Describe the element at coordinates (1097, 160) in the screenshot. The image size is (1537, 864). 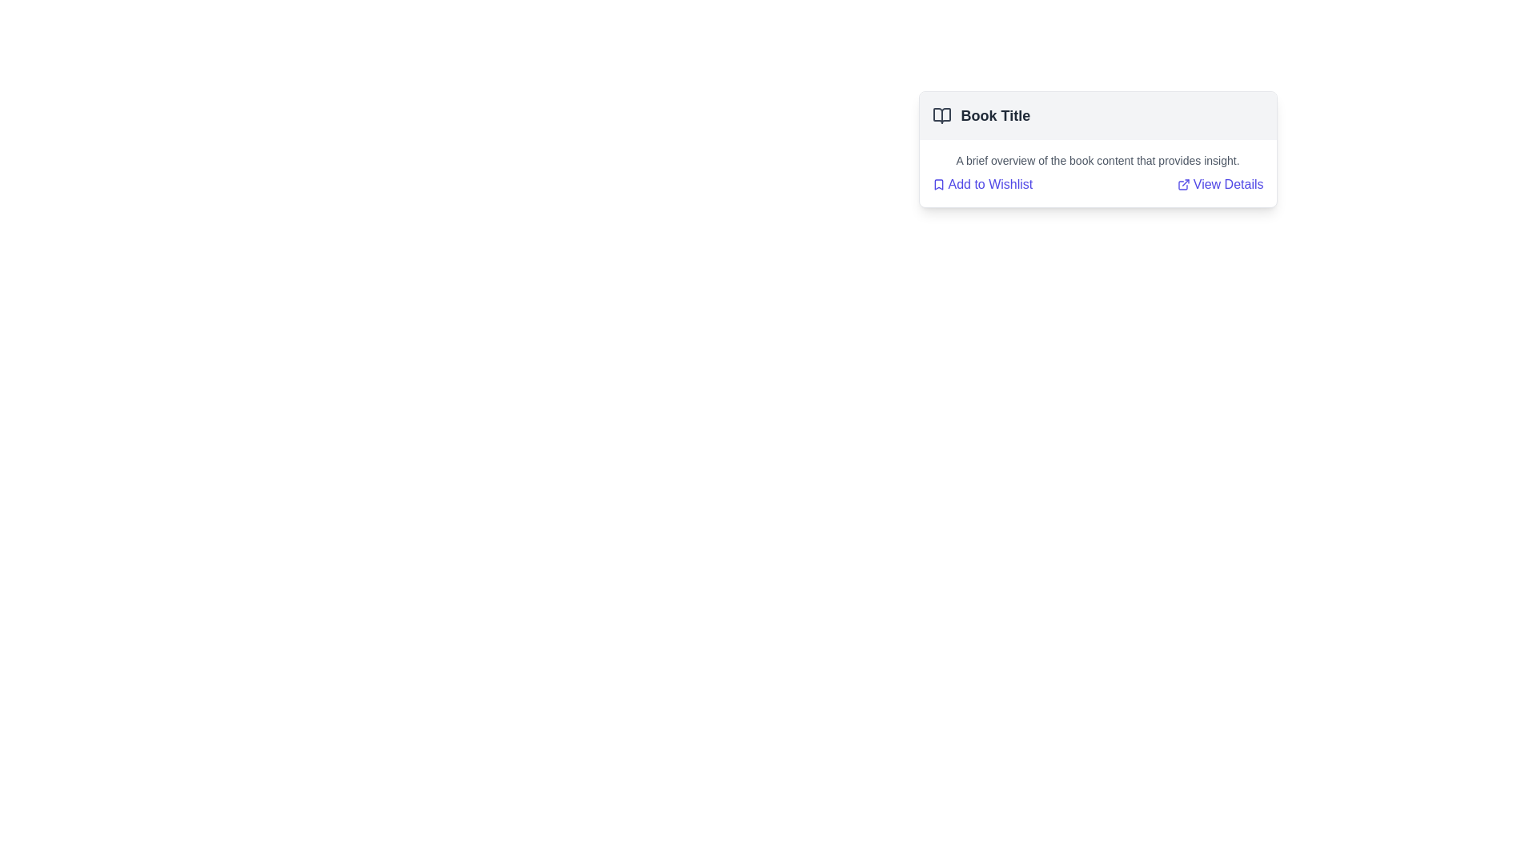
I see `the text element that provides a description or summary of a book's content, located immediately below the title section and above the interactive links` at that location.